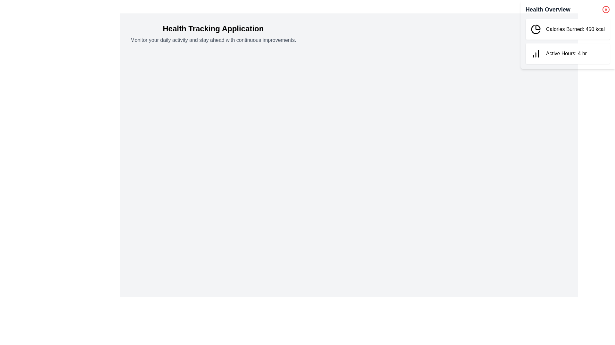  Describe the element at coordinates (575, 29) in the screenshot. I see `value from the Text Element that displays the number of calories burned, located in the top box of the 'Health Overview' section to the right of the pie chart icon` at that location.